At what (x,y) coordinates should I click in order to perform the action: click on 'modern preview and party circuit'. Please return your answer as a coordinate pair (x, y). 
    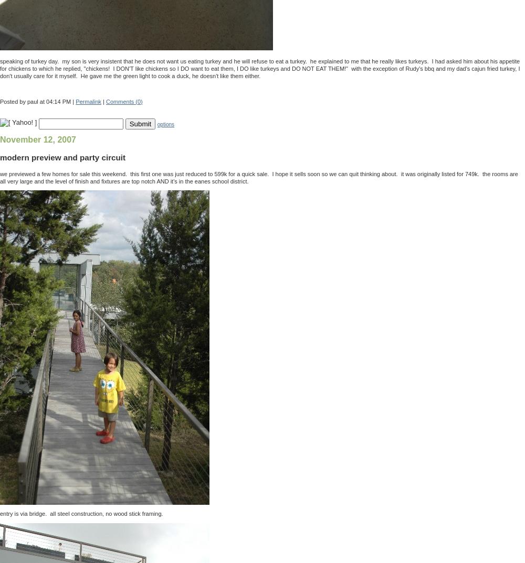
    Looking at the image, I should click on (62, 157).